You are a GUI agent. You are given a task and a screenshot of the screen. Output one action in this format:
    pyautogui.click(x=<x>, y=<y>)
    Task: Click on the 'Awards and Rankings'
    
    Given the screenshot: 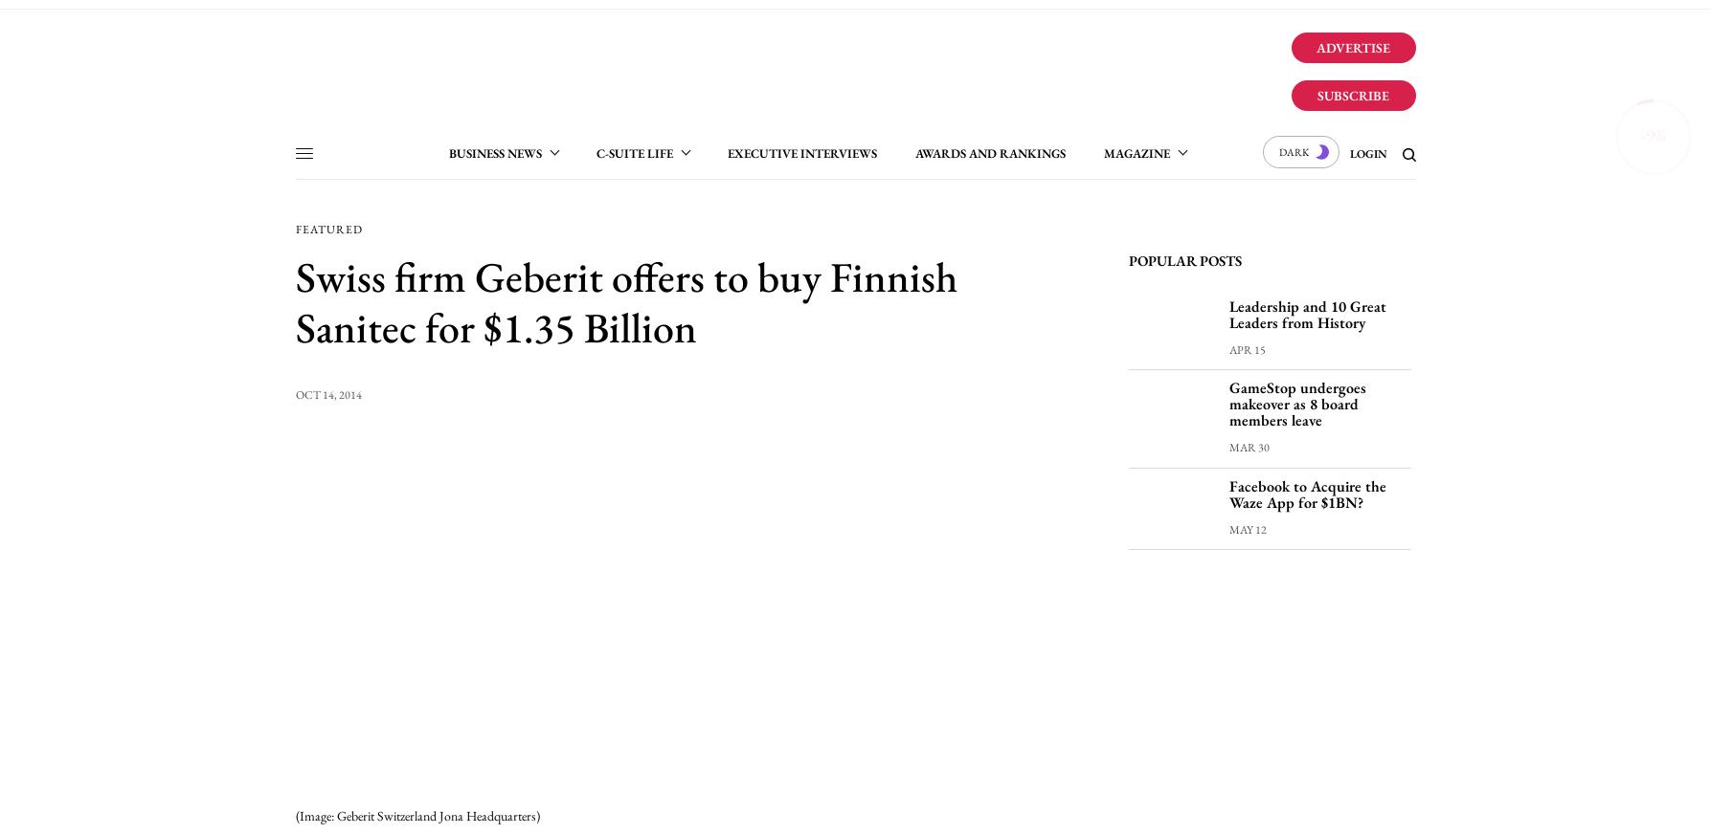 What is the action you would take?
    pyautogui.click(x=988, y=153)
    